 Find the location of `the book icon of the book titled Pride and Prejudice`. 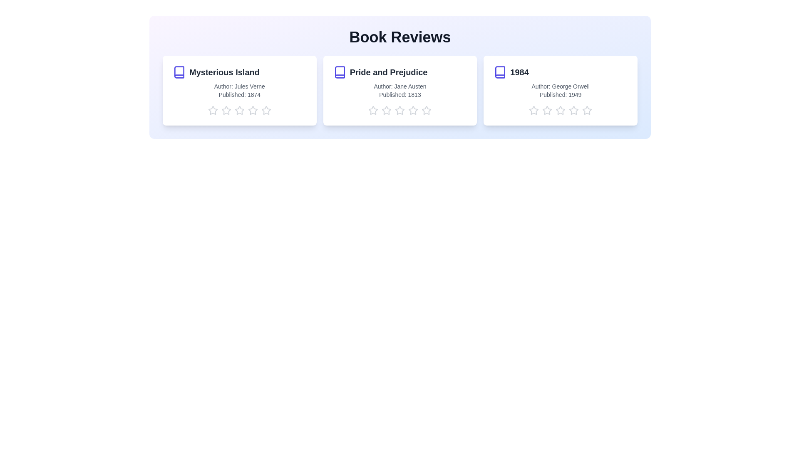

the book icon of the book titled Pride and Prejudice is located at coordinates (340, 72).